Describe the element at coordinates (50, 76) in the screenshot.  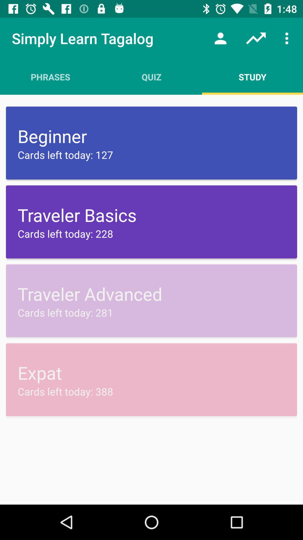
I see `icon below simply learn tagalog icon` at that location.